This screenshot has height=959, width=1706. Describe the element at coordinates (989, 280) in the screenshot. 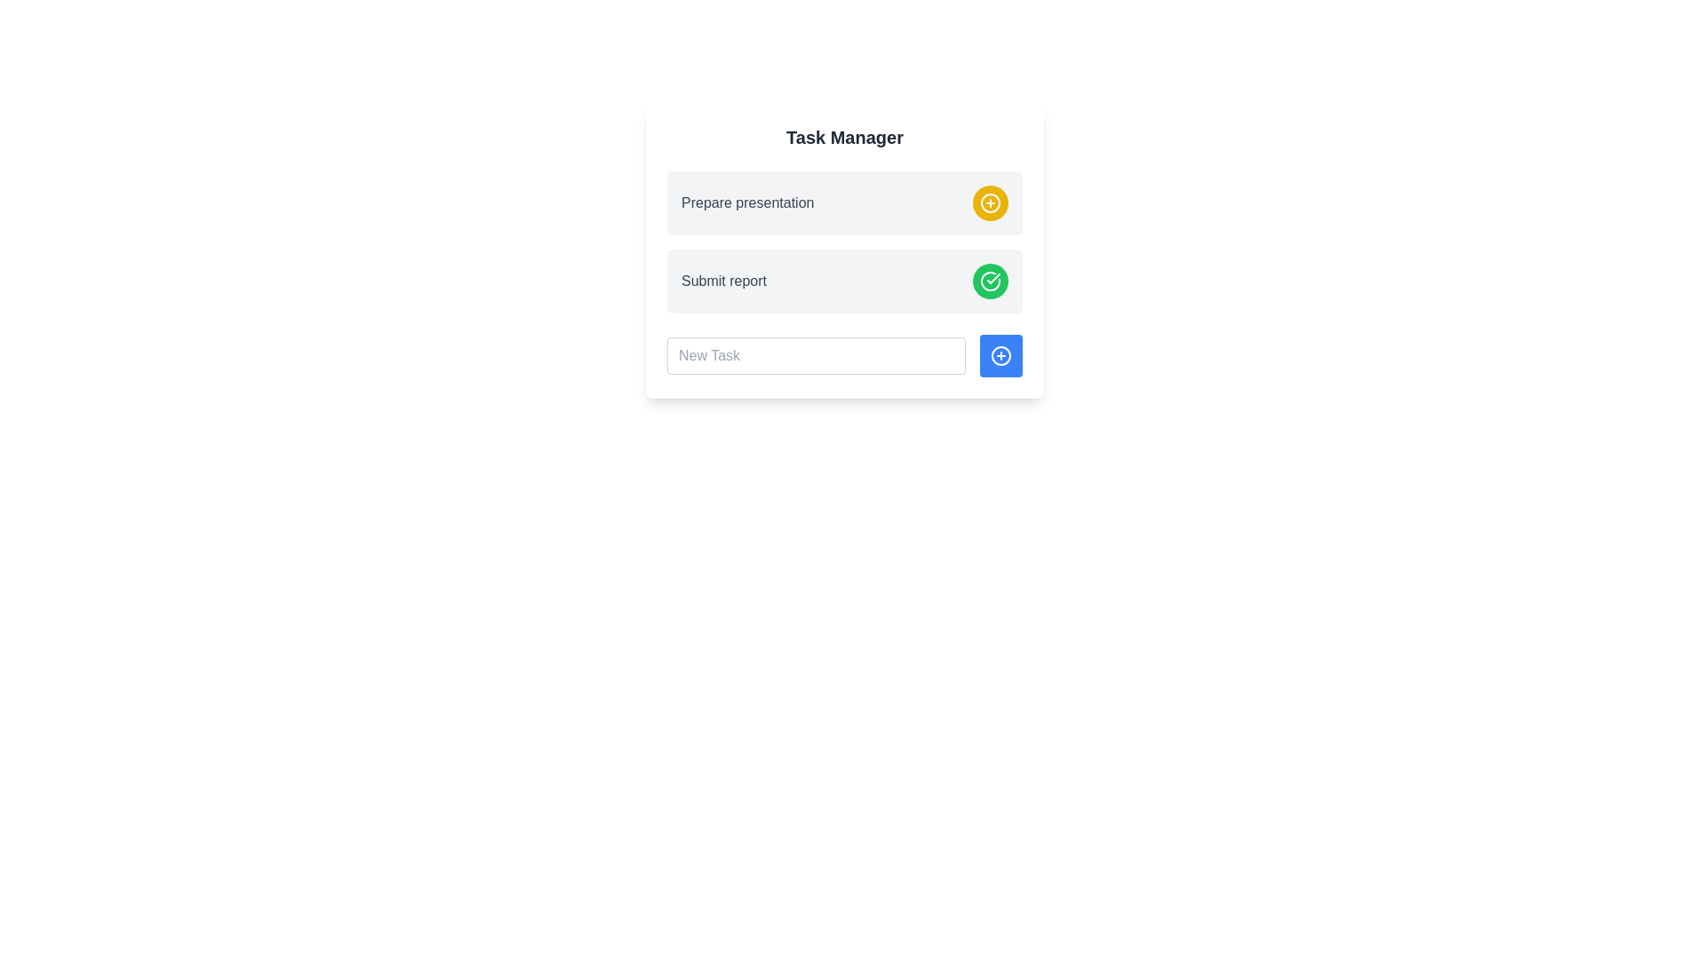

I see `the circular icon indicating the action status for the 'Submit report' task` at that location.